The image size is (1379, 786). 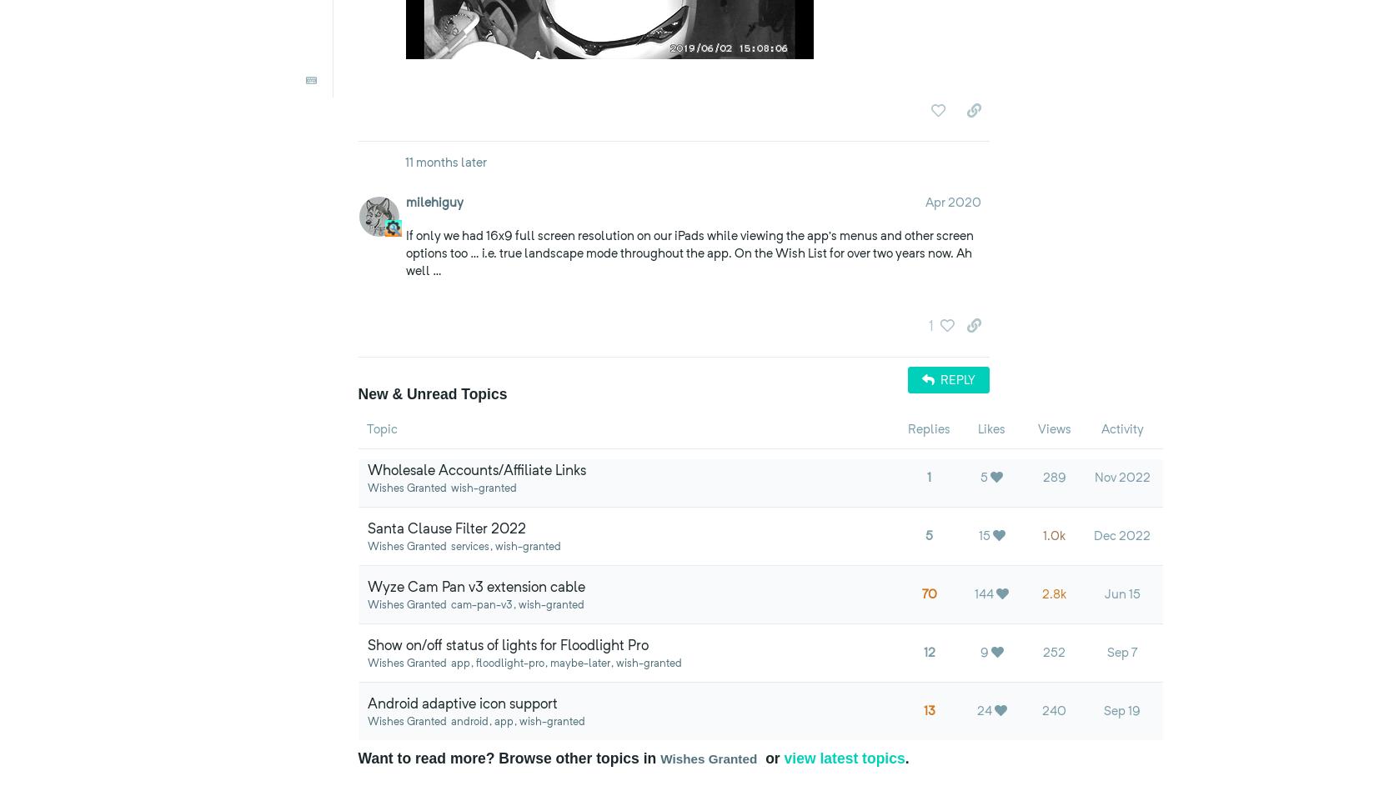 What do you see at coordinates (782, 69) in the screenshot?
I see `', the community. If you have any further questions or feedback about how things should work here, please use our'` at bounding box center [782, 69].